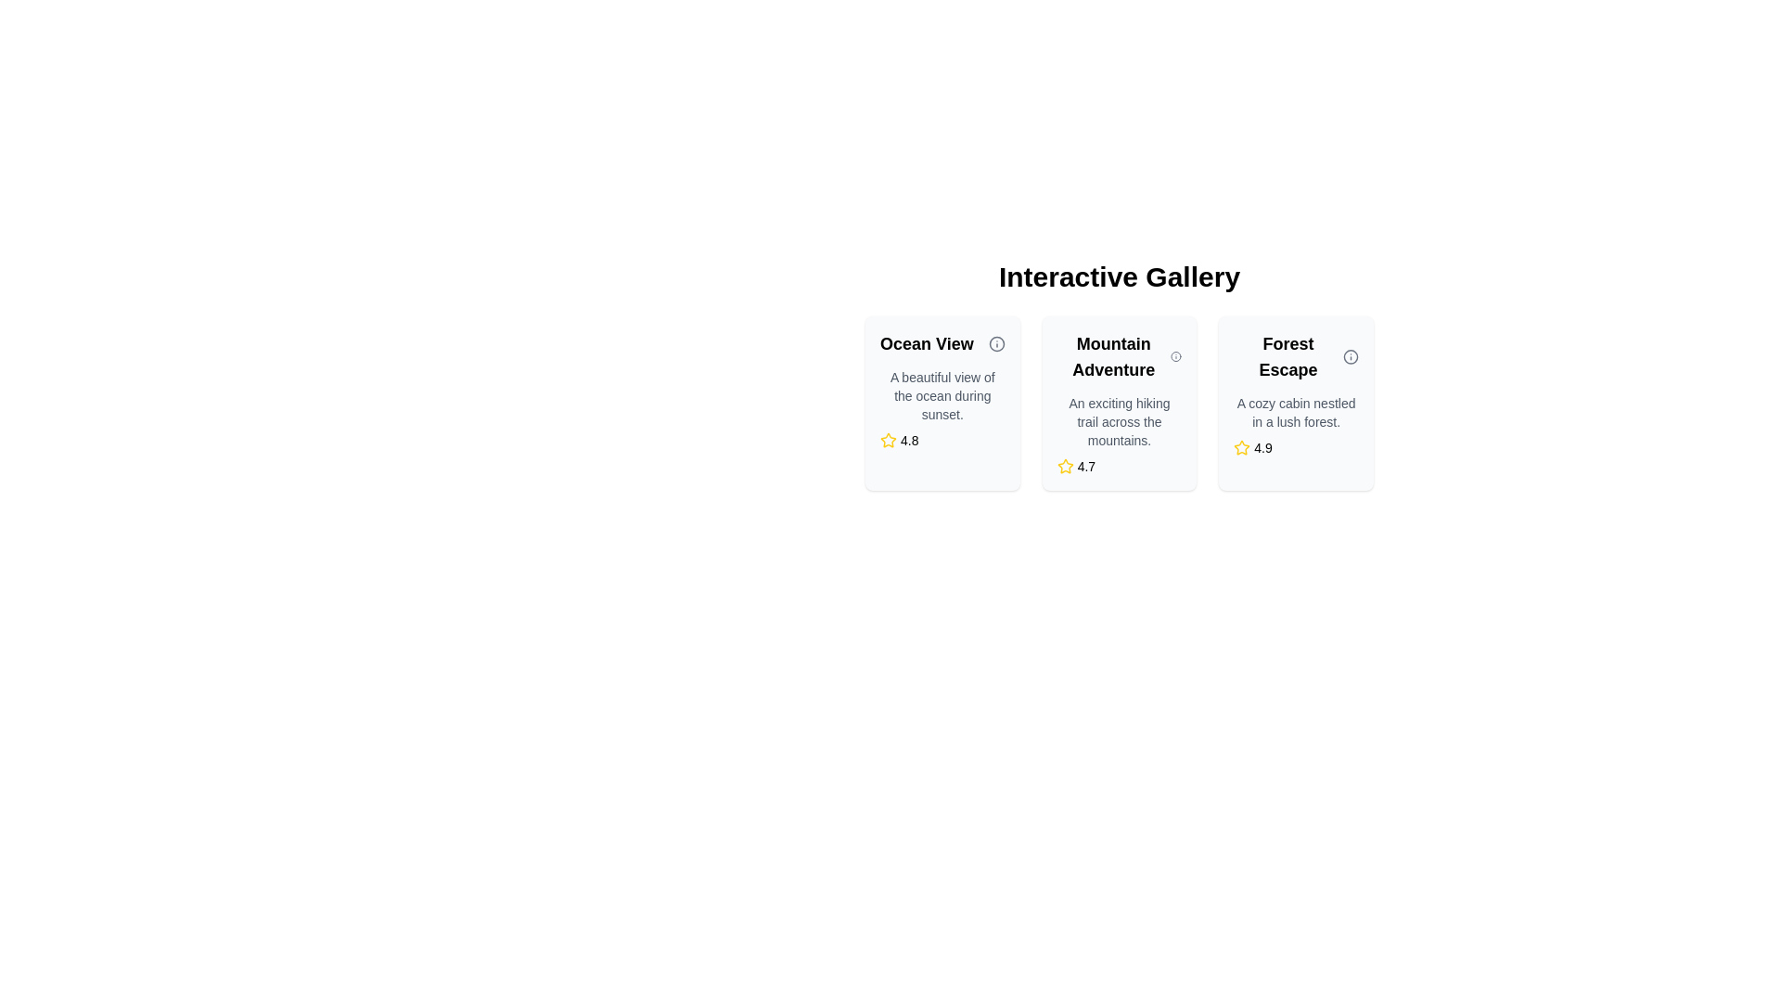 The height and width of the screenshot is (1002, 1781). Describe the element at coordinates (927, 343) in the screenshot. I see `header text 'Ocean View' of the first card in the Interactive Gallery located at the top-left corner of the card structure` at that location.